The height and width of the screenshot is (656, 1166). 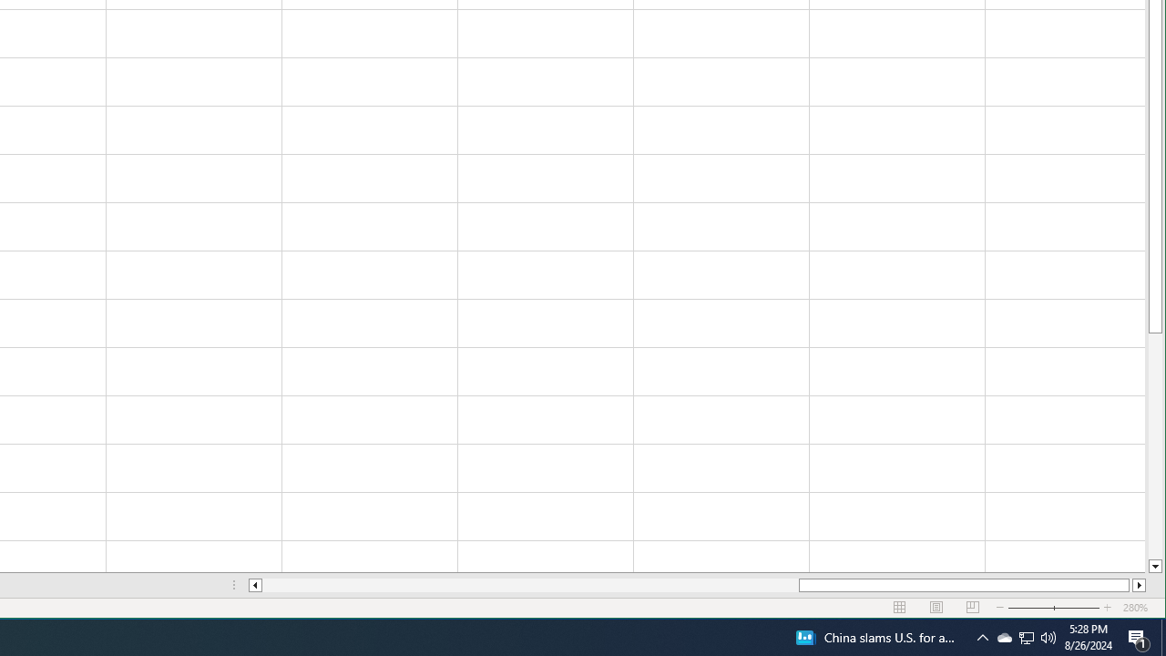 What do you see at coordinates (972, 608) in the screenshot?
I see `'Page Break Preview'` at bounding box center [972, 608].